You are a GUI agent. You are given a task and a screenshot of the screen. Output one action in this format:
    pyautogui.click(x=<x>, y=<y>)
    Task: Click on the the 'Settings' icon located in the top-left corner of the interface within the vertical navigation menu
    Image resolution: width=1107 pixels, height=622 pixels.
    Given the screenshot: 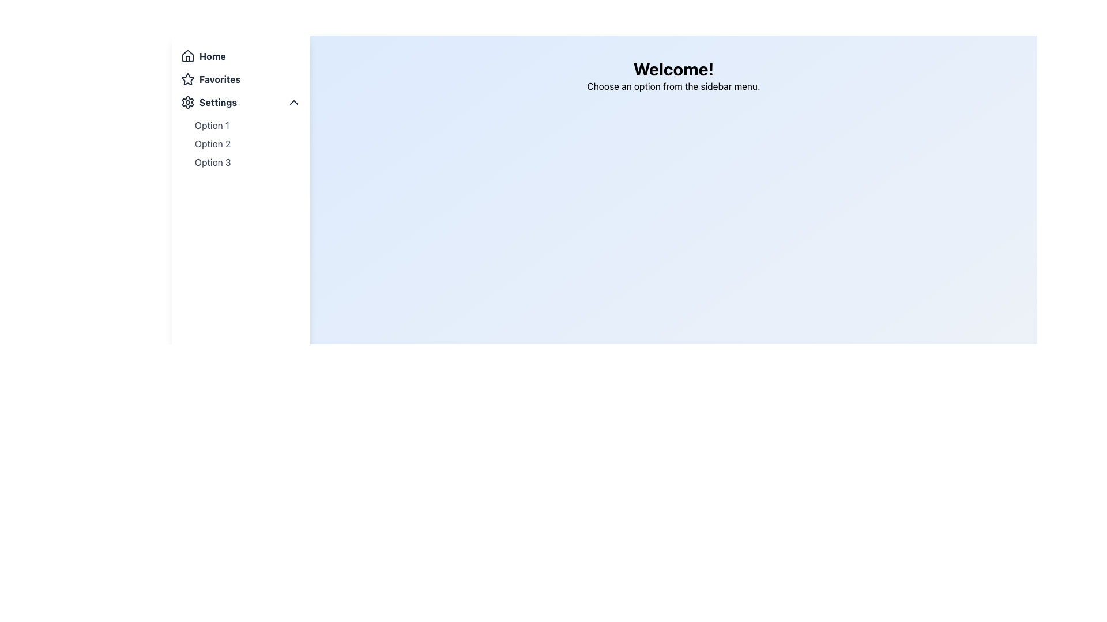 What is the action you would take?
    pyautogui.click(x=188, y=101)
    